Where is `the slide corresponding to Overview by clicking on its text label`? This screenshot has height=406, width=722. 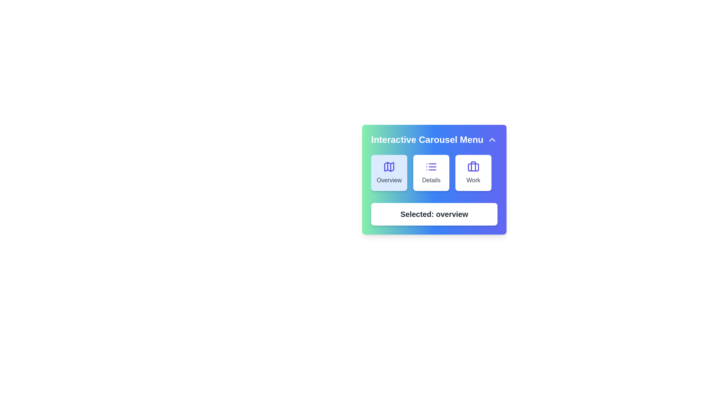 the slide corresponding to Overview by clicking on its text label is located at coordinates (389, 180).